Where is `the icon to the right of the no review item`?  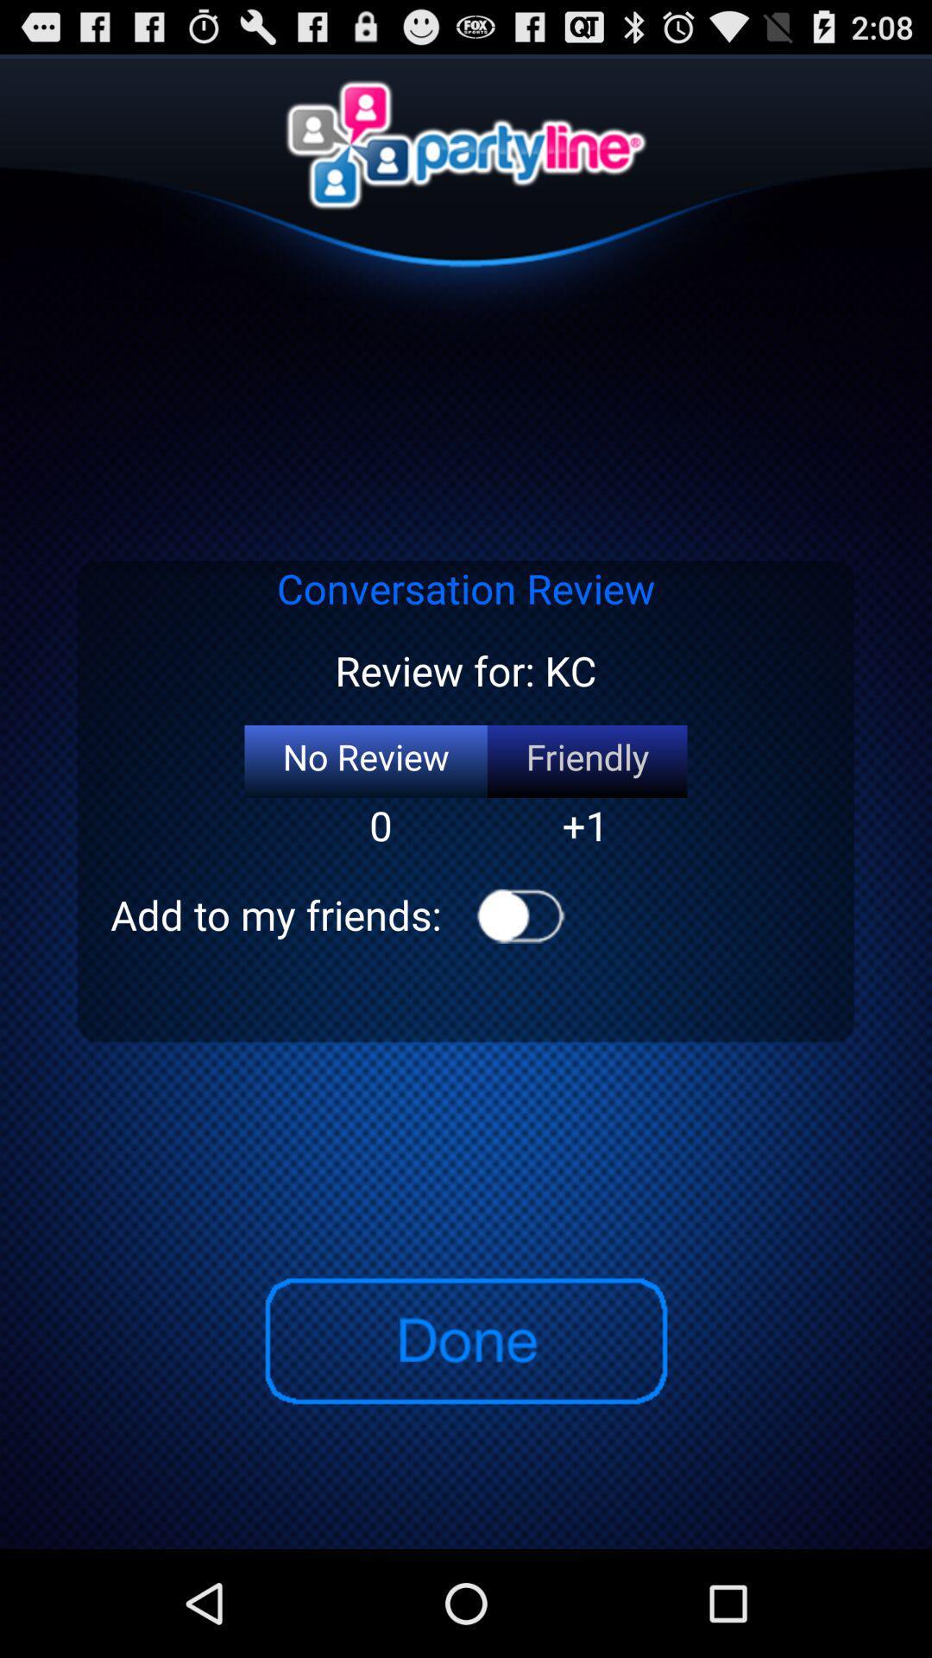
the icon to the right of the no review item is located at coordinates (586, 761).